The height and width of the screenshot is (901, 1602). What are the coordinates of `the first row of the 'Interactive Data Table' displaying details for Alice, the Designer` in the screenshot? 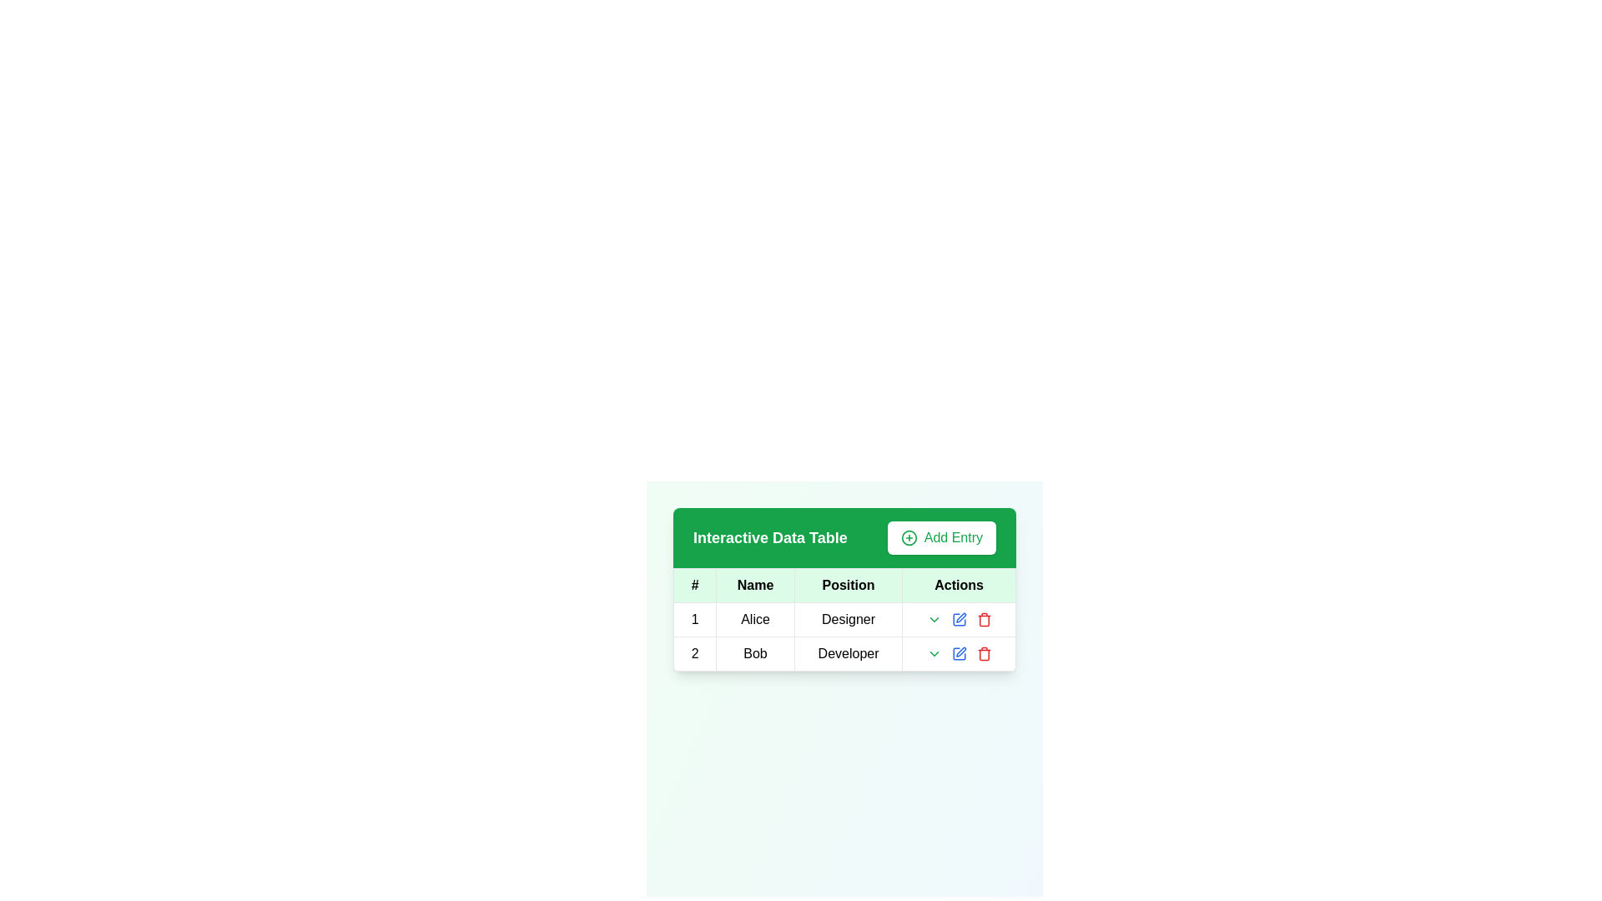 It's located at (844, 637).